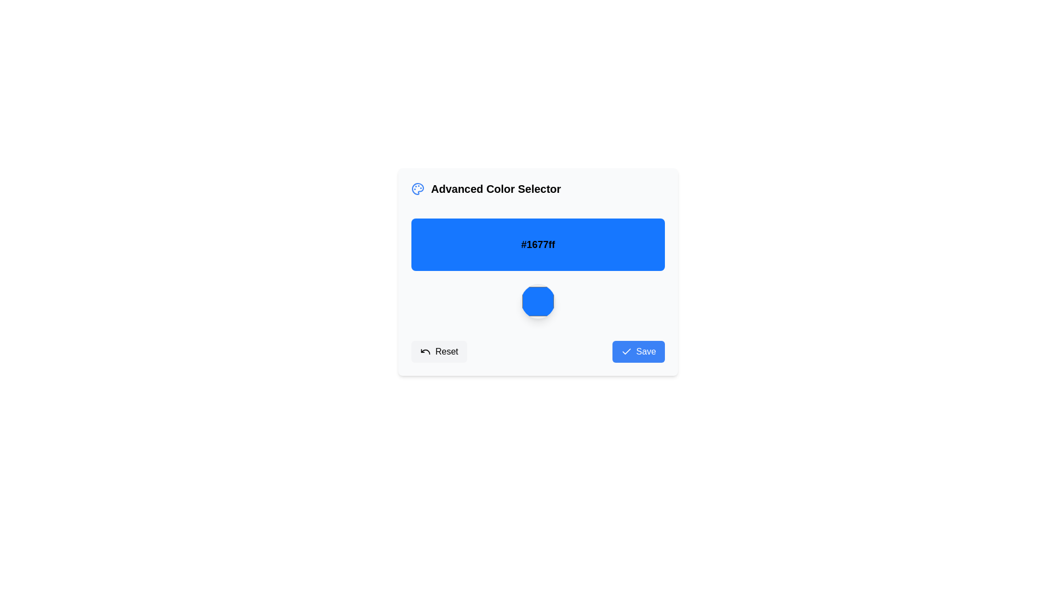 The image size is (1049, 590). What do you see at coordinates (638, 352) in the screenshot?
I see `the 'Save' button located on the bottom-right side of the 'Advanced Color Selector' panel to change its color` at bounding box center [638, 352].